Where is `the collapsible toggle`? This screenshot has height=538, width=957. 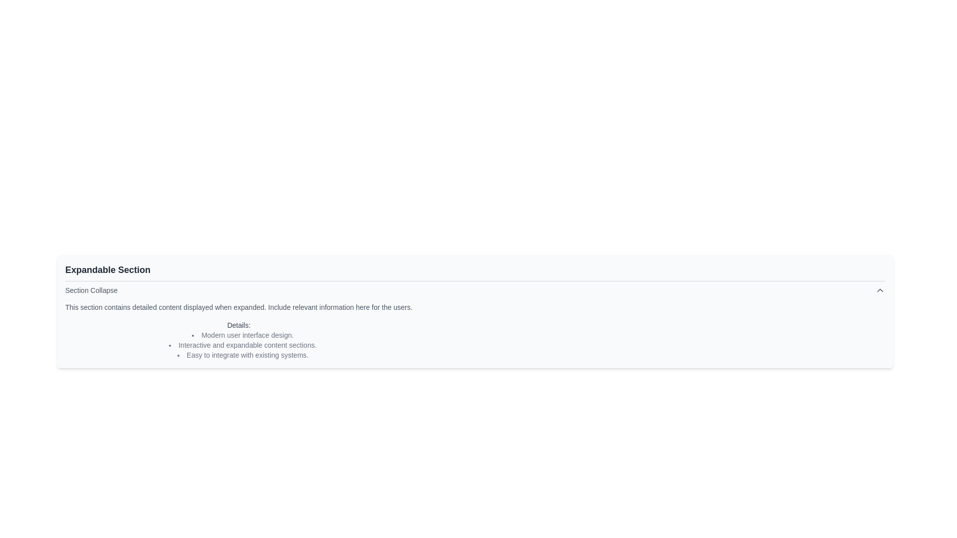 the collapsible toggle is located at coordinates (475, 290).